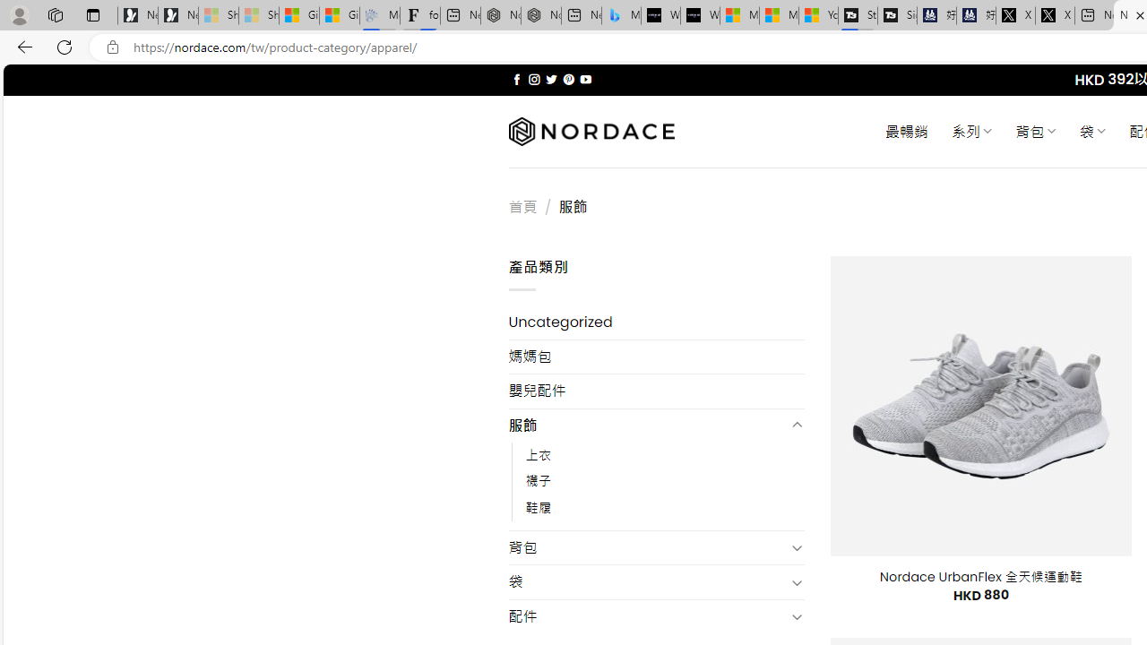  Describe the element at coordinates (655, 322) in the screenshot. I see `'Uncategorized'` at that location.